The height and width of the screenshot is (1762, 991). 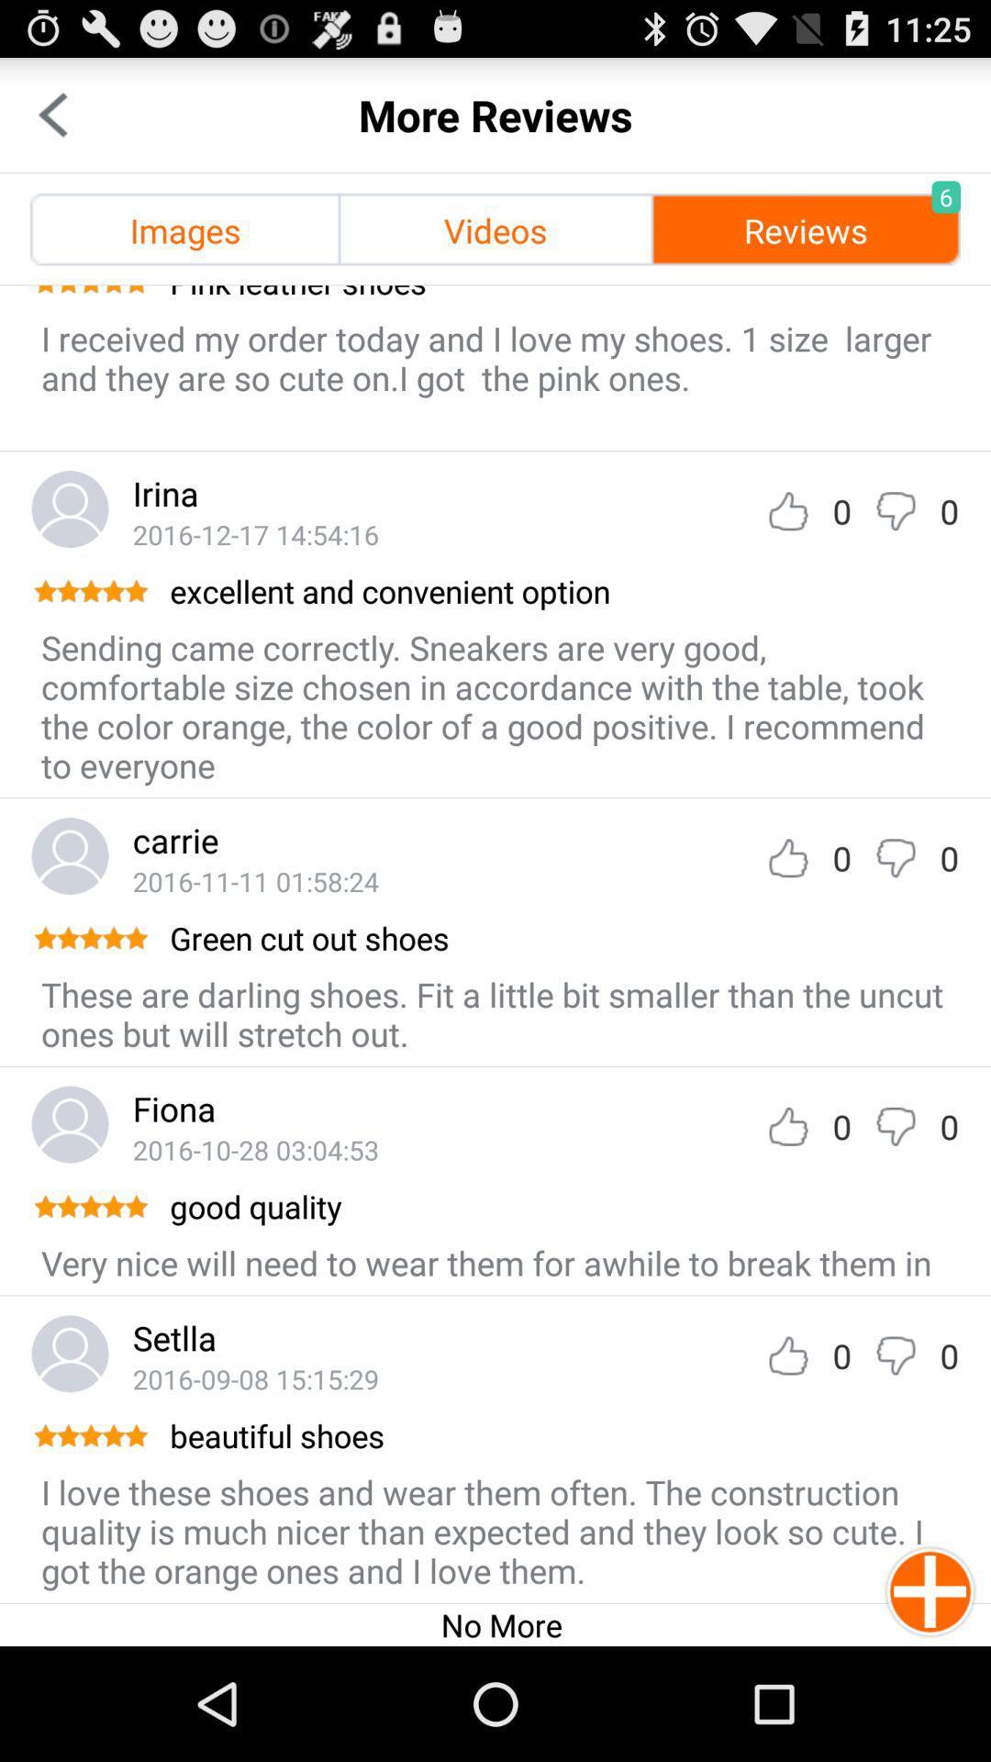 What do you see at coordinates (174, 1338) in the screenshot?
I see `setlla icon` at bounding box center [174, 1338].